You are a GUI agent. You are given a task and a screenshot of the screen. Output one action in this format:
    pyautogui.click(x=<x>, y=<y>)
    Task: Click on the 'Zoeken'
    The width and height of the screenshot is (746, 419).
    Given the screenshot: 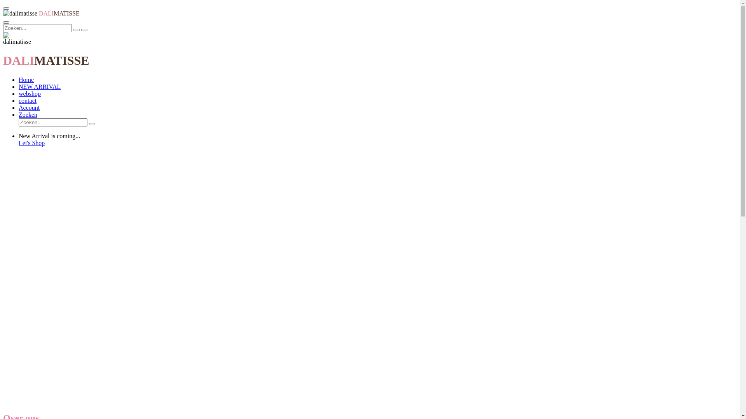 What is the action you would take?
    pyautogui.click(x=28, y=114)
    